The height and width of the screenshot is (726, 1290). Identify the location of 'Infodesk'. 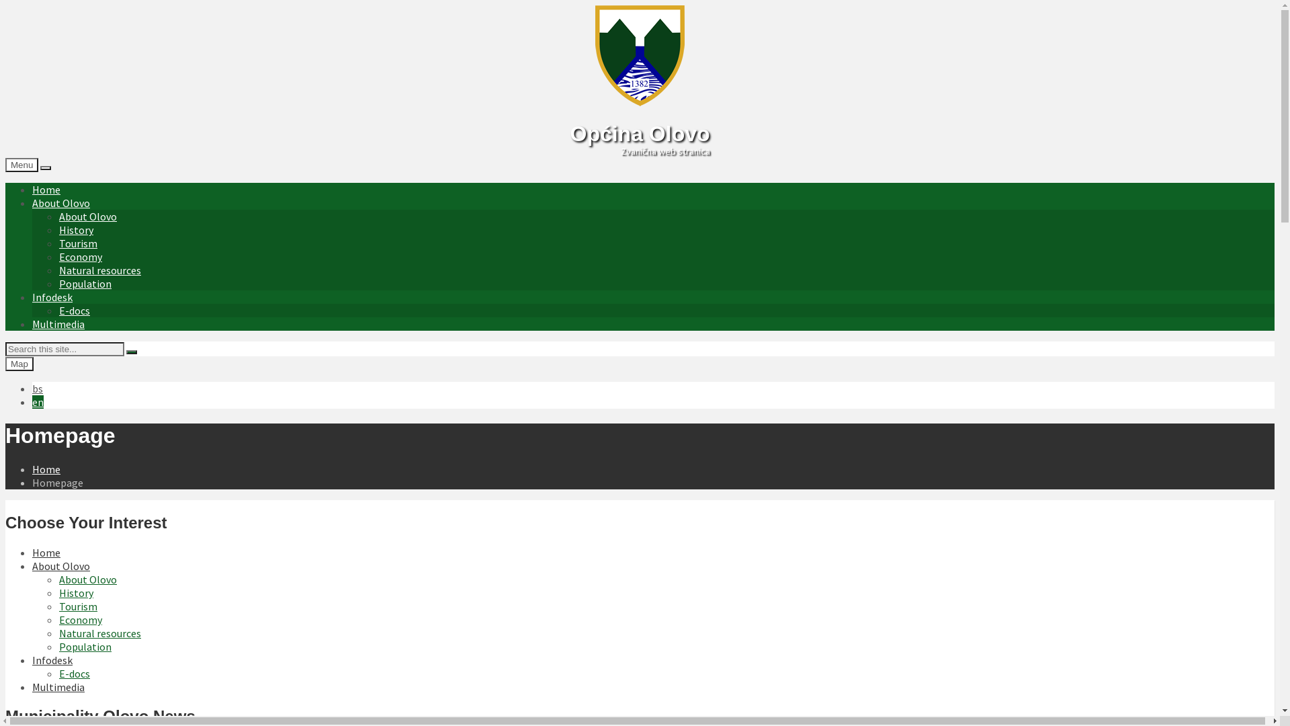
(52, 659).